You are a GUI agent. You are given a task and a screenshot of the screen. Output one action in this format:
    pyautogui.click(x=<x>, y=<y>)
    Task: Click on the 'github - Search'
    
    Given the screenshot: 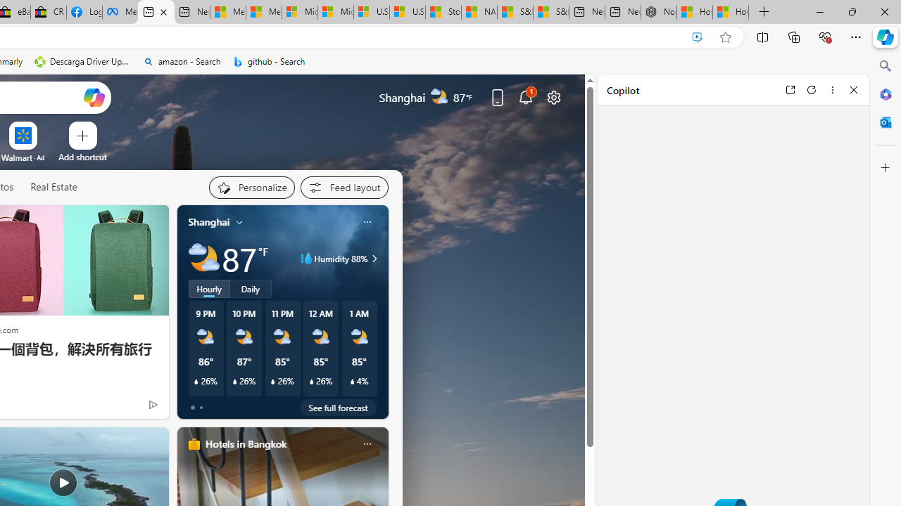 What is the action you would take?
    pyautogui.click(x=269, y=61)
    